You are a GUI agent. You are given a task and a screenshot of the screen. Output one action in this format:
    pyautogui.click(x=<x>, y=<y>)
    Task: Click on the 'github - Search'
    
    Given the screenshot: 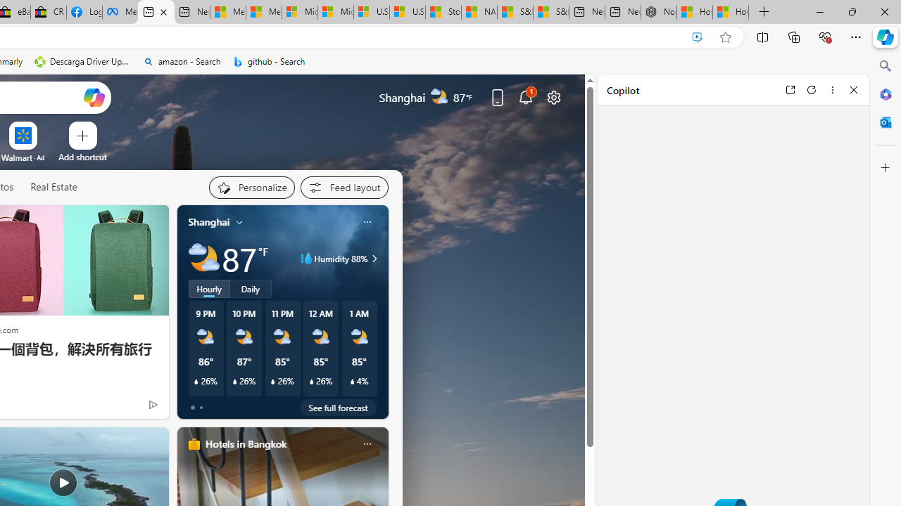 What is the action you would take?
    pyautogui.click(x=269, y=61)
    